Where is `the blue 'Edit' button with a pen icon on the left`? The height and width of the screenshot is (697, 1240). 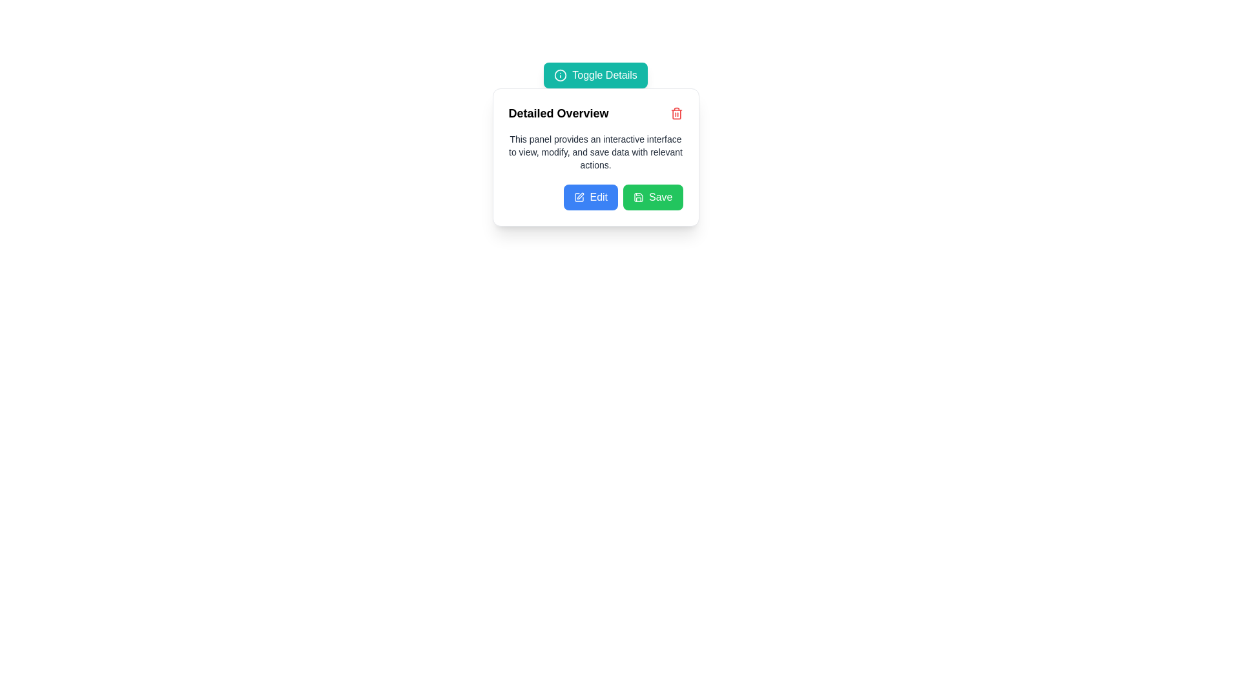 the blue 'Edit' button with a pen icon on the left is located at coordinates (590, 197).